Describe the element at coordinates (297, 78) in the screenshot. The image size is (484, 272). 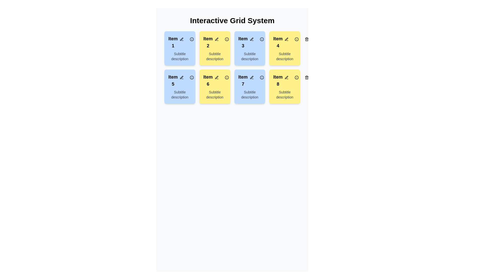
I see `the circular information tooltip icon with a black stroke and white fill, located to the right of the 'Item 8' title` at that location.